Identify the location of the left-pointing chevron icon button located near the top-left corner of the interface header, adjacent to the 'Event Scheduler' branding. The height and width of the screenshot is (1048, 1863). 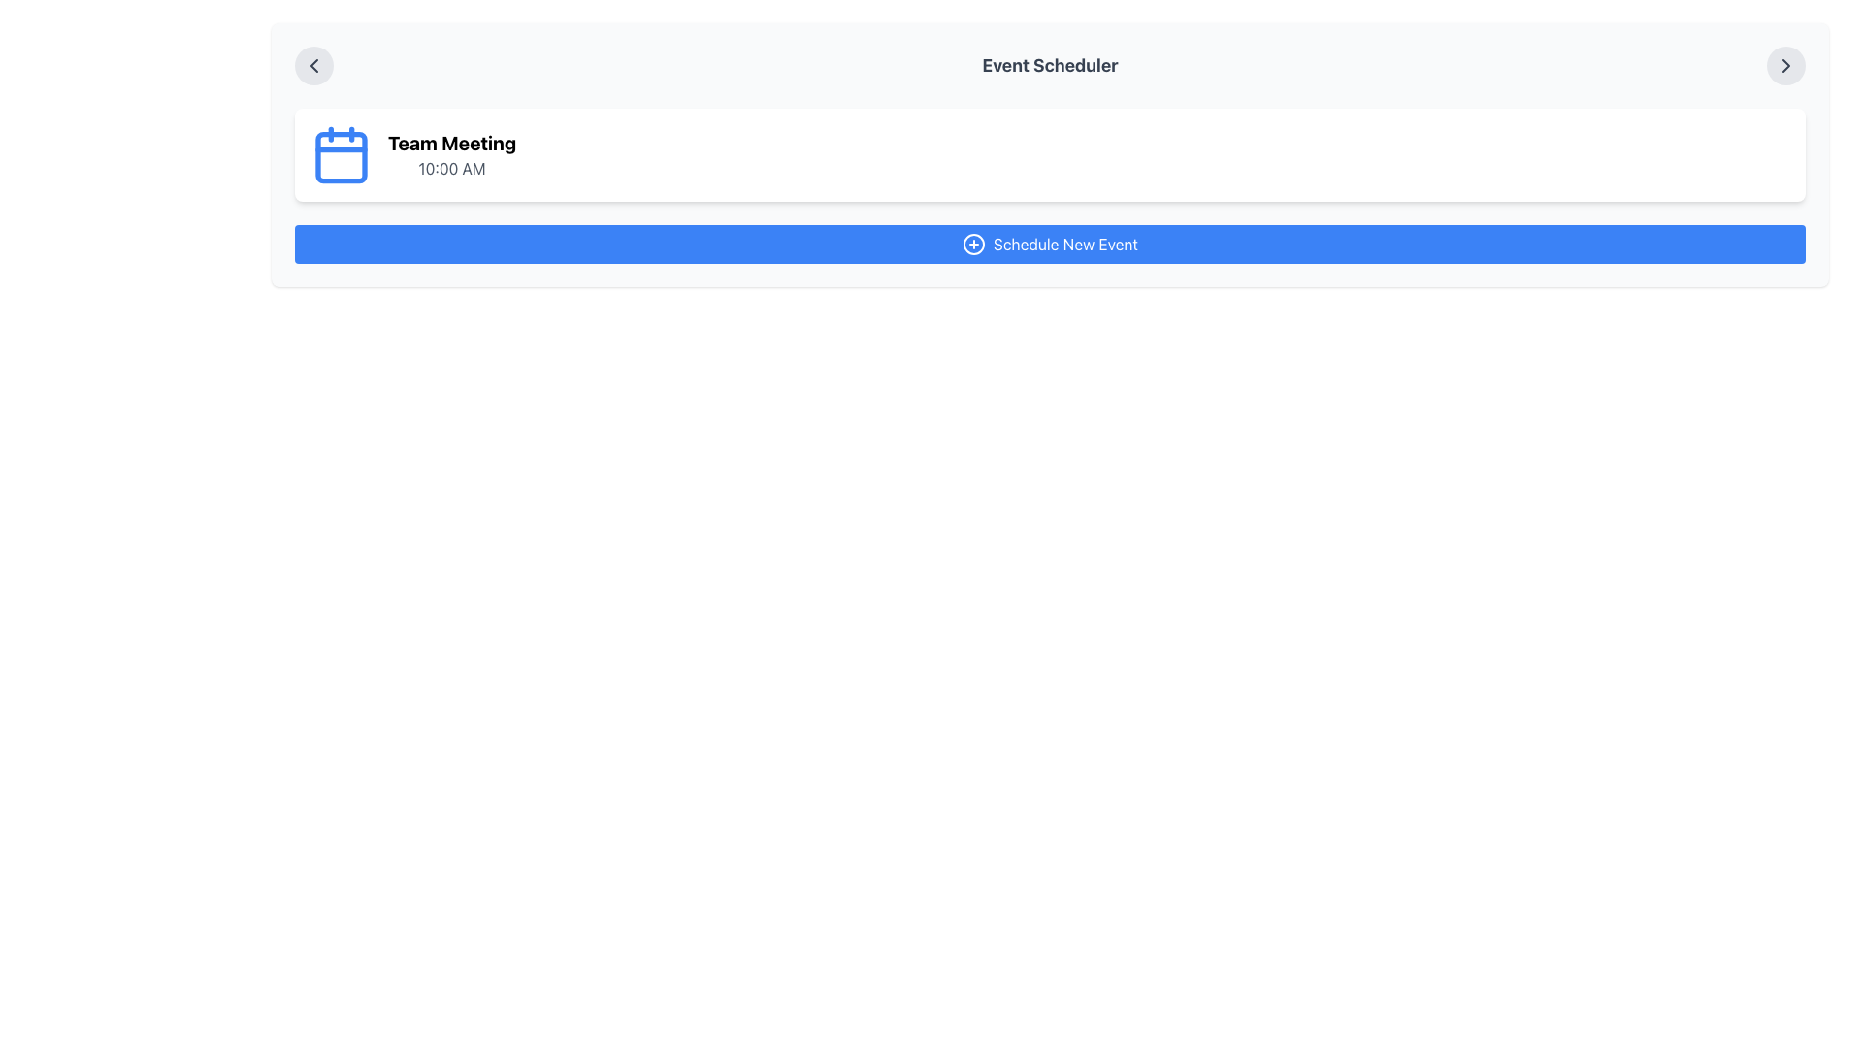
(314, 65).